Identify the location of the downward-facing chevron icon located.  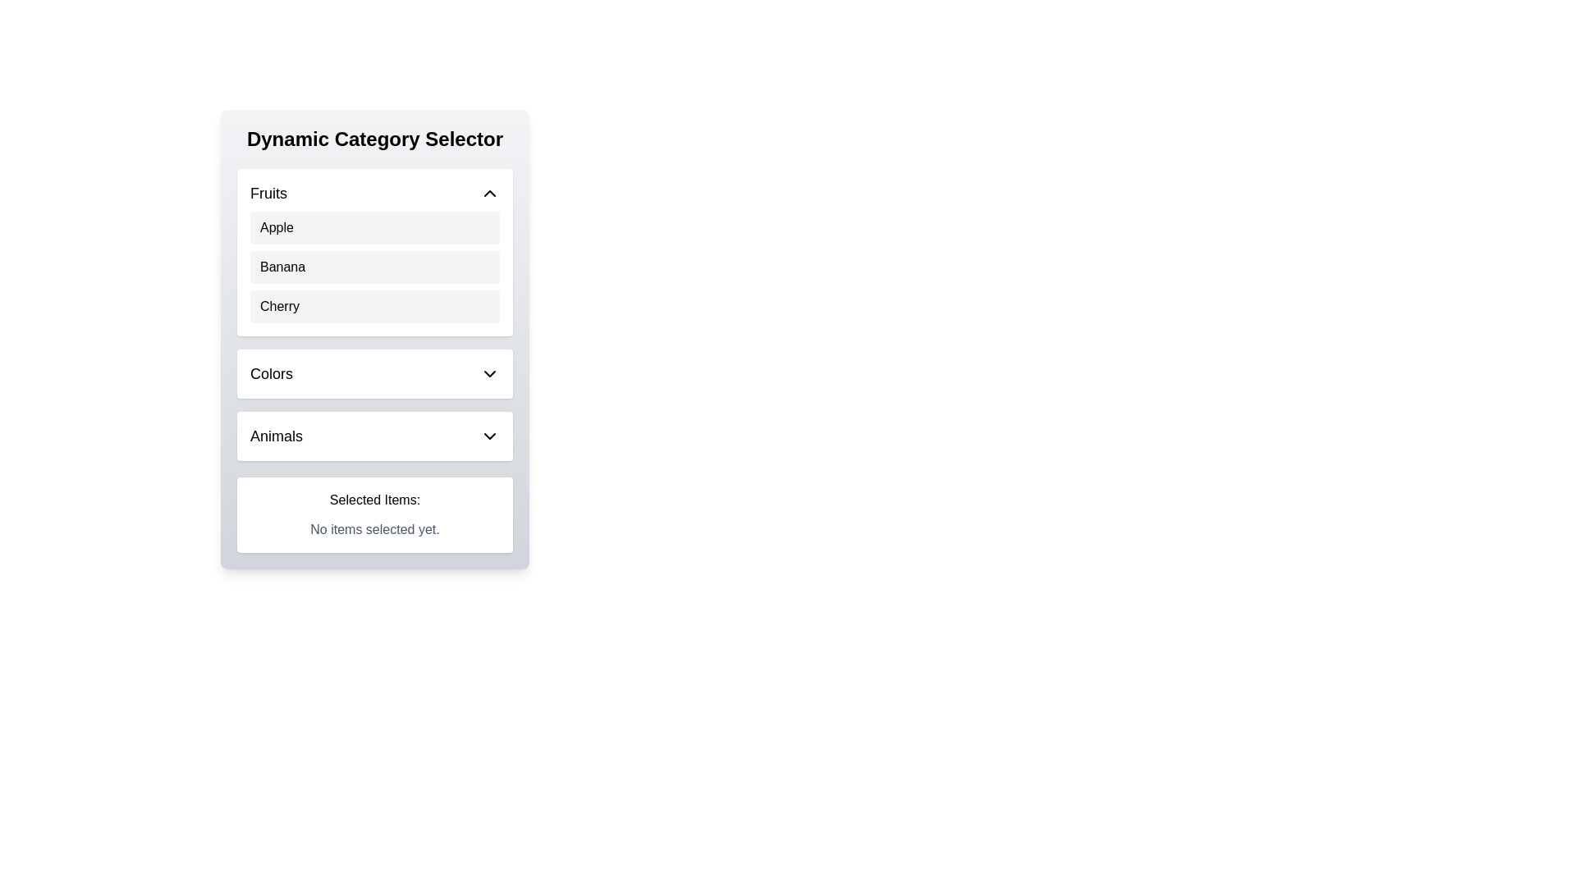
(488, 373).